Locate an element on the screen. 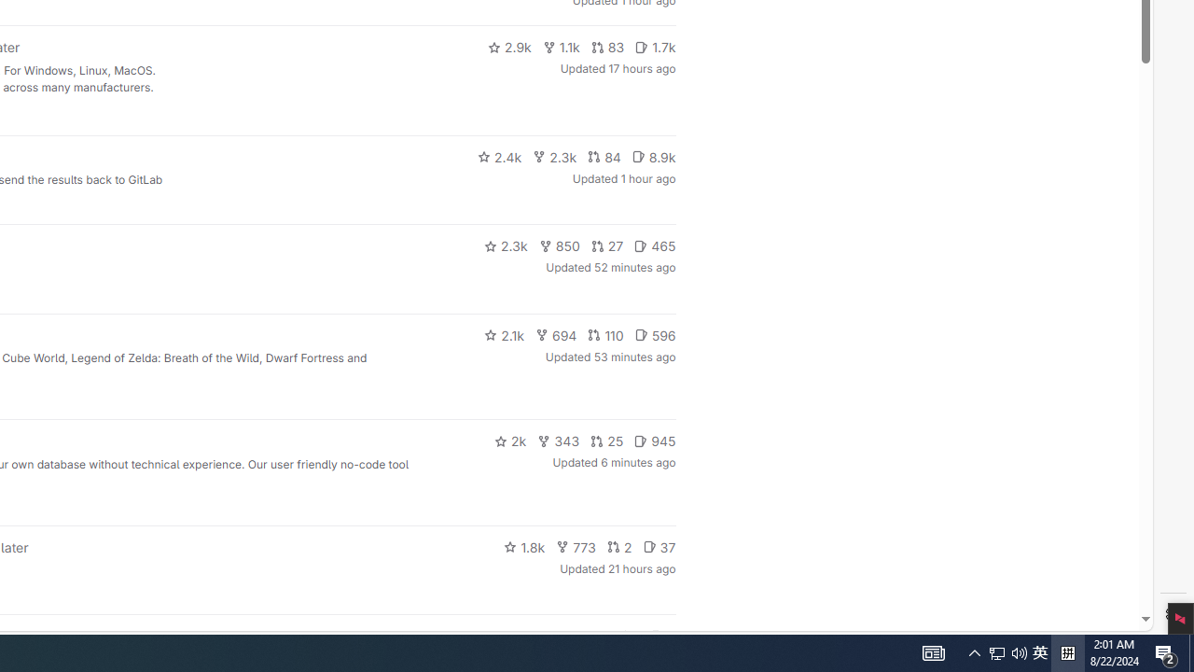 Image resolution: width=1194 pixels, height=672 pixels. '1.7k' is located at coordinates (655, 47).